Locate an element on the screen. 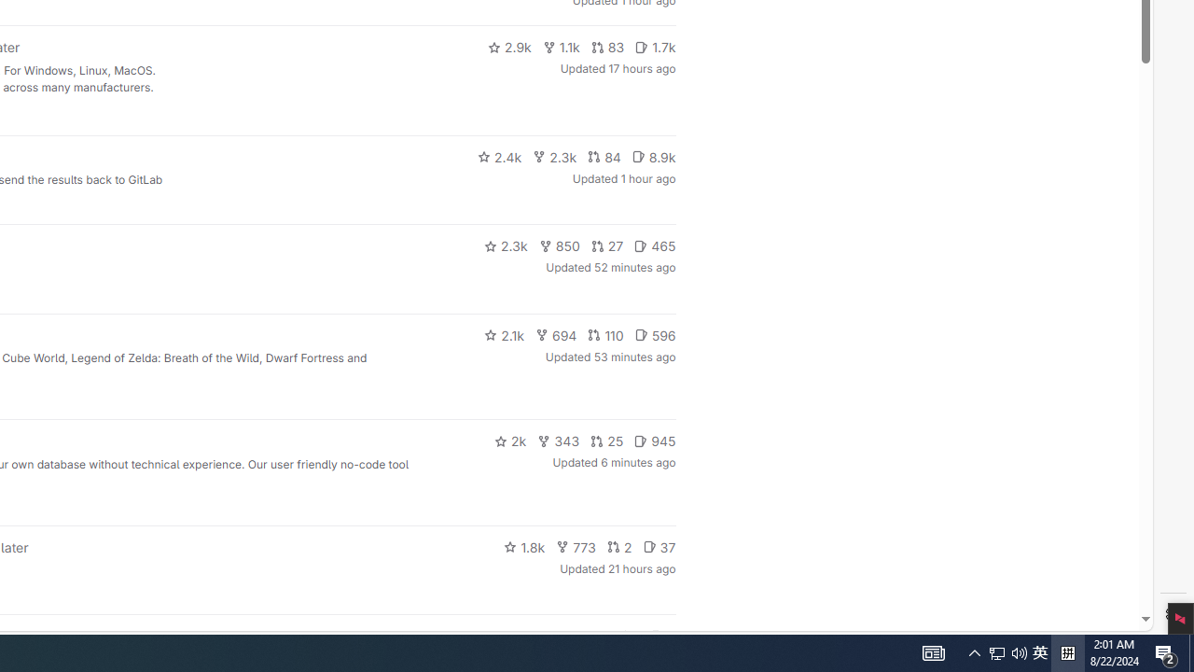 Image resolution: width=1194 pixels, height=672 pixels. '1.7k' is located at coordinates (655, 47).